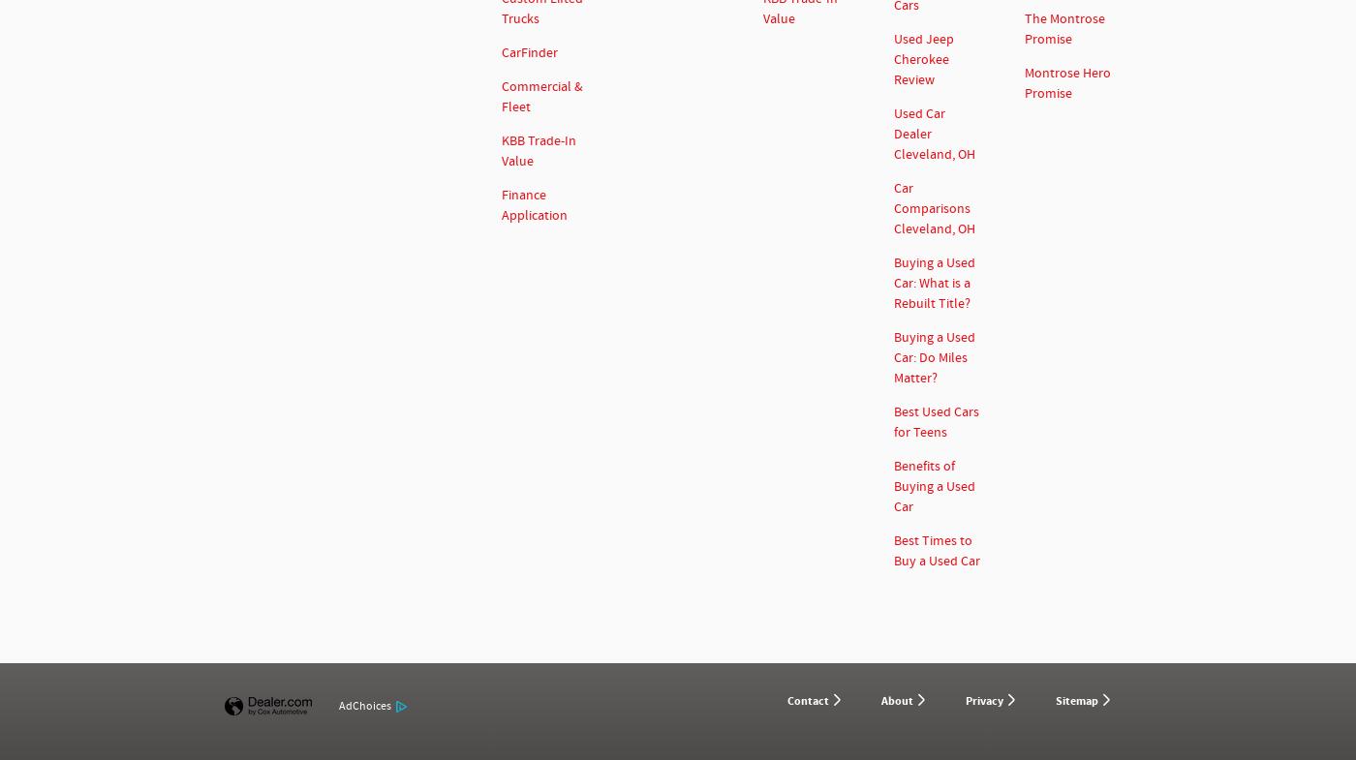 The image size is (1356, 760). I want to click on 'Buying a Used Car: Do Miles Matter?', so click(935, 356).